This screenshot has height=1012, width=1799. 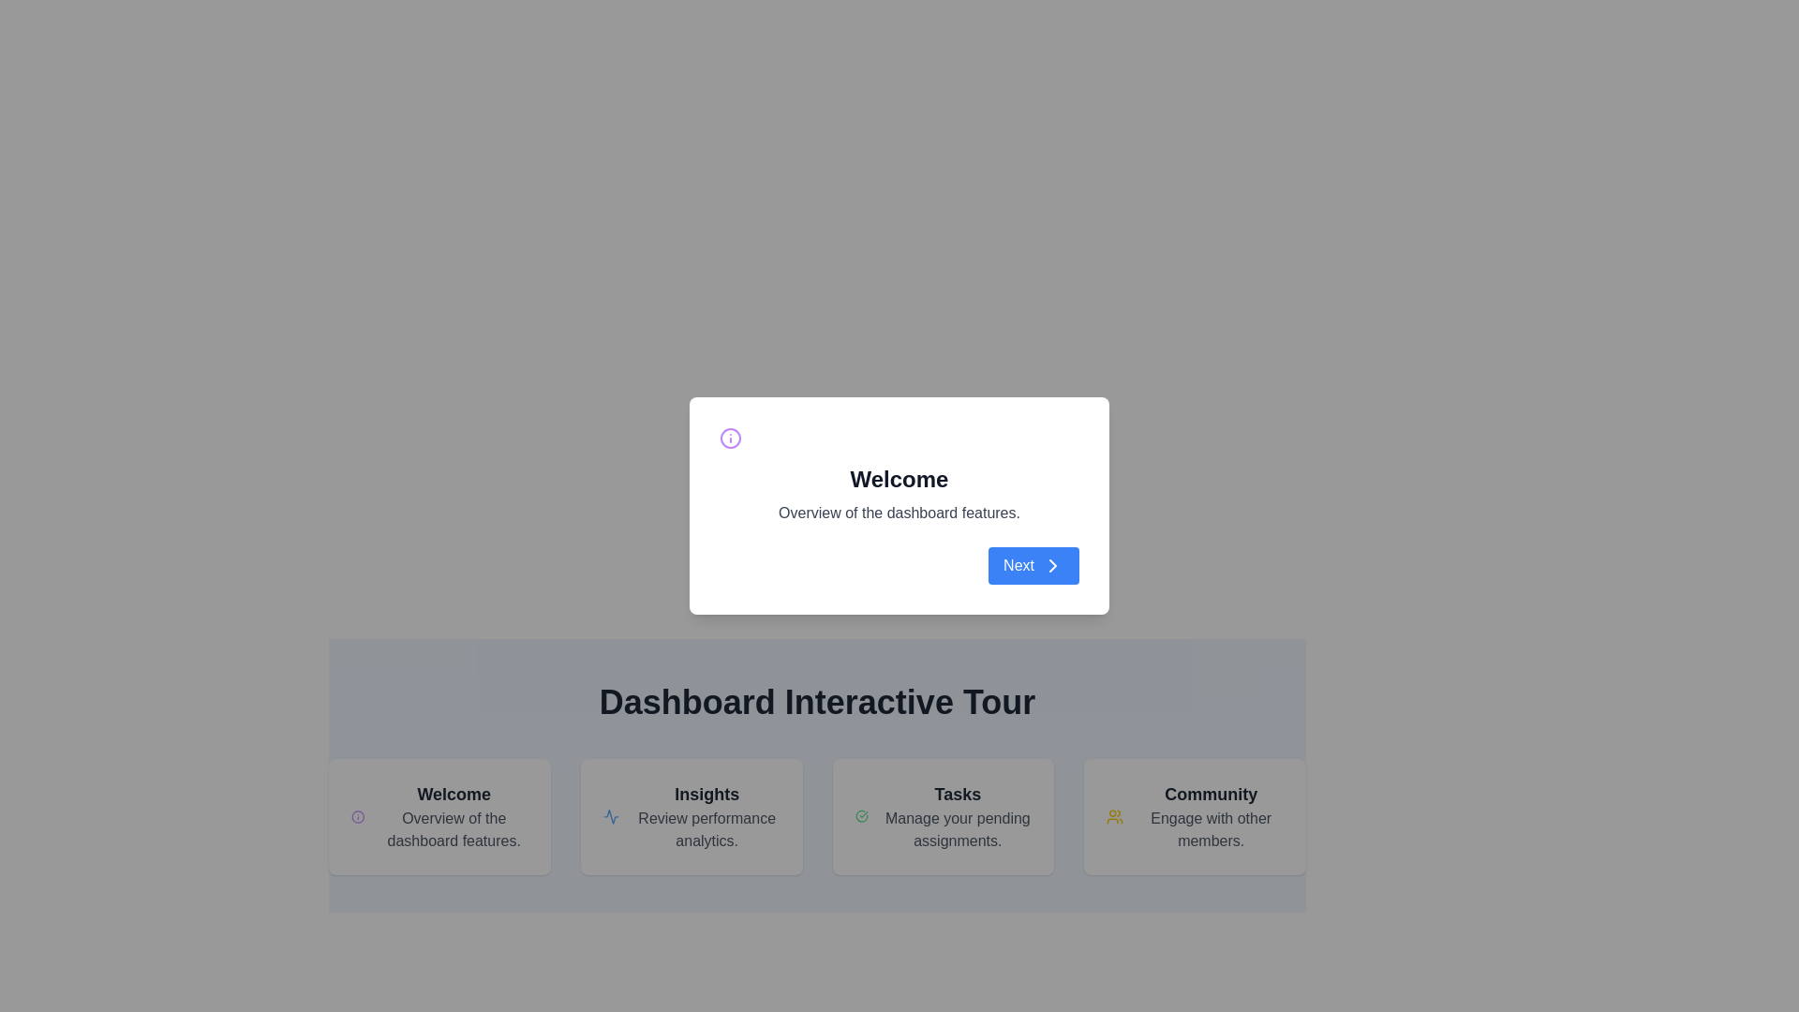 What do you see at coordinates (958, 829) in the screenshot?
I see `the text block styled in gray that says 'Manage your pending assignments.' which is located below the bold heading 'Tasks' in the card UI component` at bounding box center [958, 829].